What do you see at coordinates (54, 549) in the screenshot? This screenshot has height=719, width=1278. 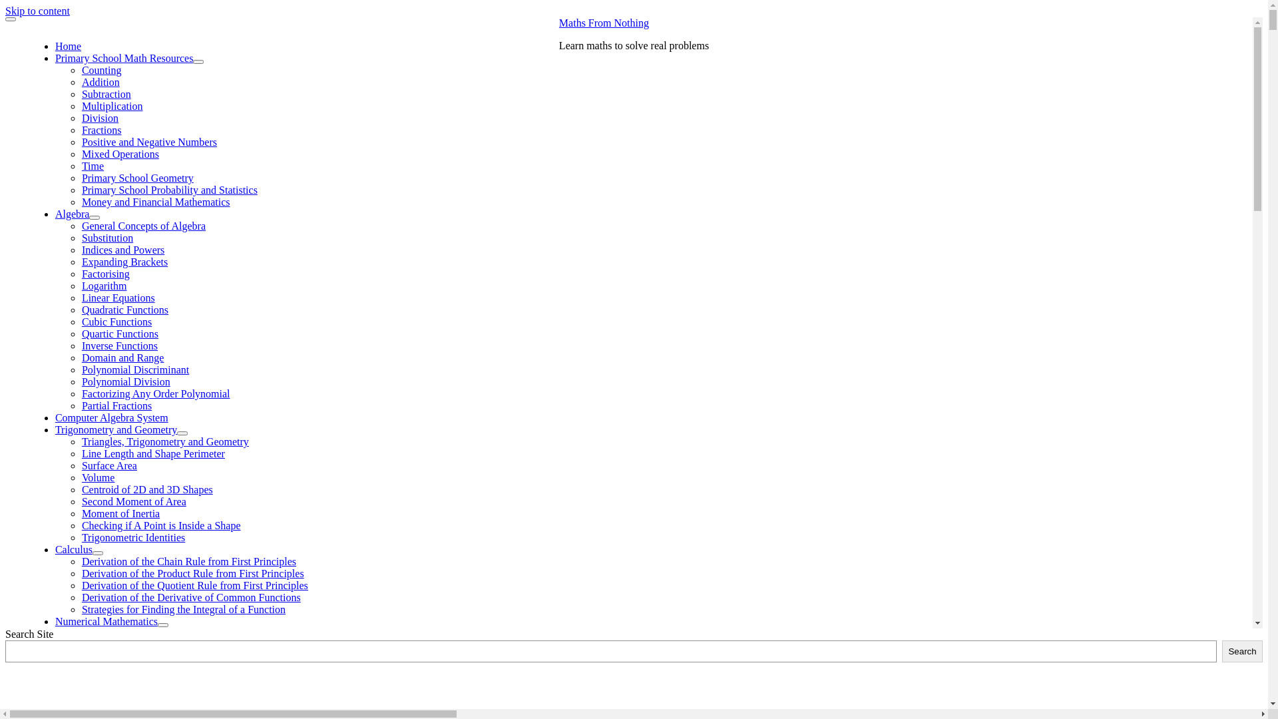 I see `'Calculus'` at bounding box center [54, 549].